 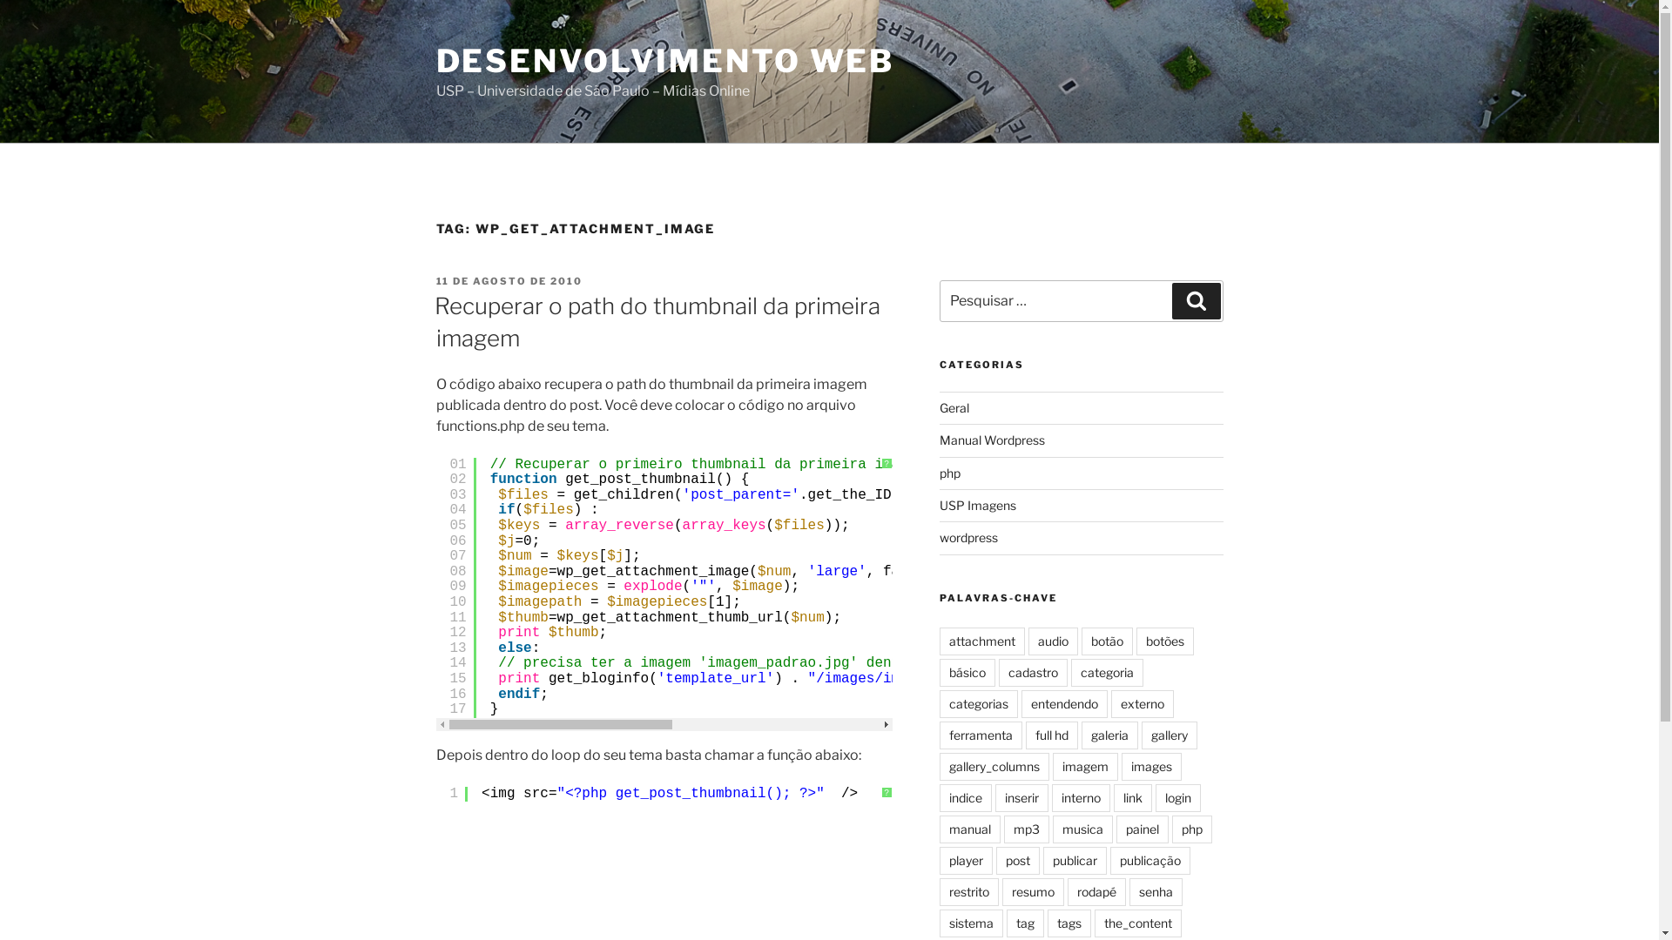 I want to click on 'Recuperar o path do thumbnail da primeira imagem', so click(x=655, y=321).